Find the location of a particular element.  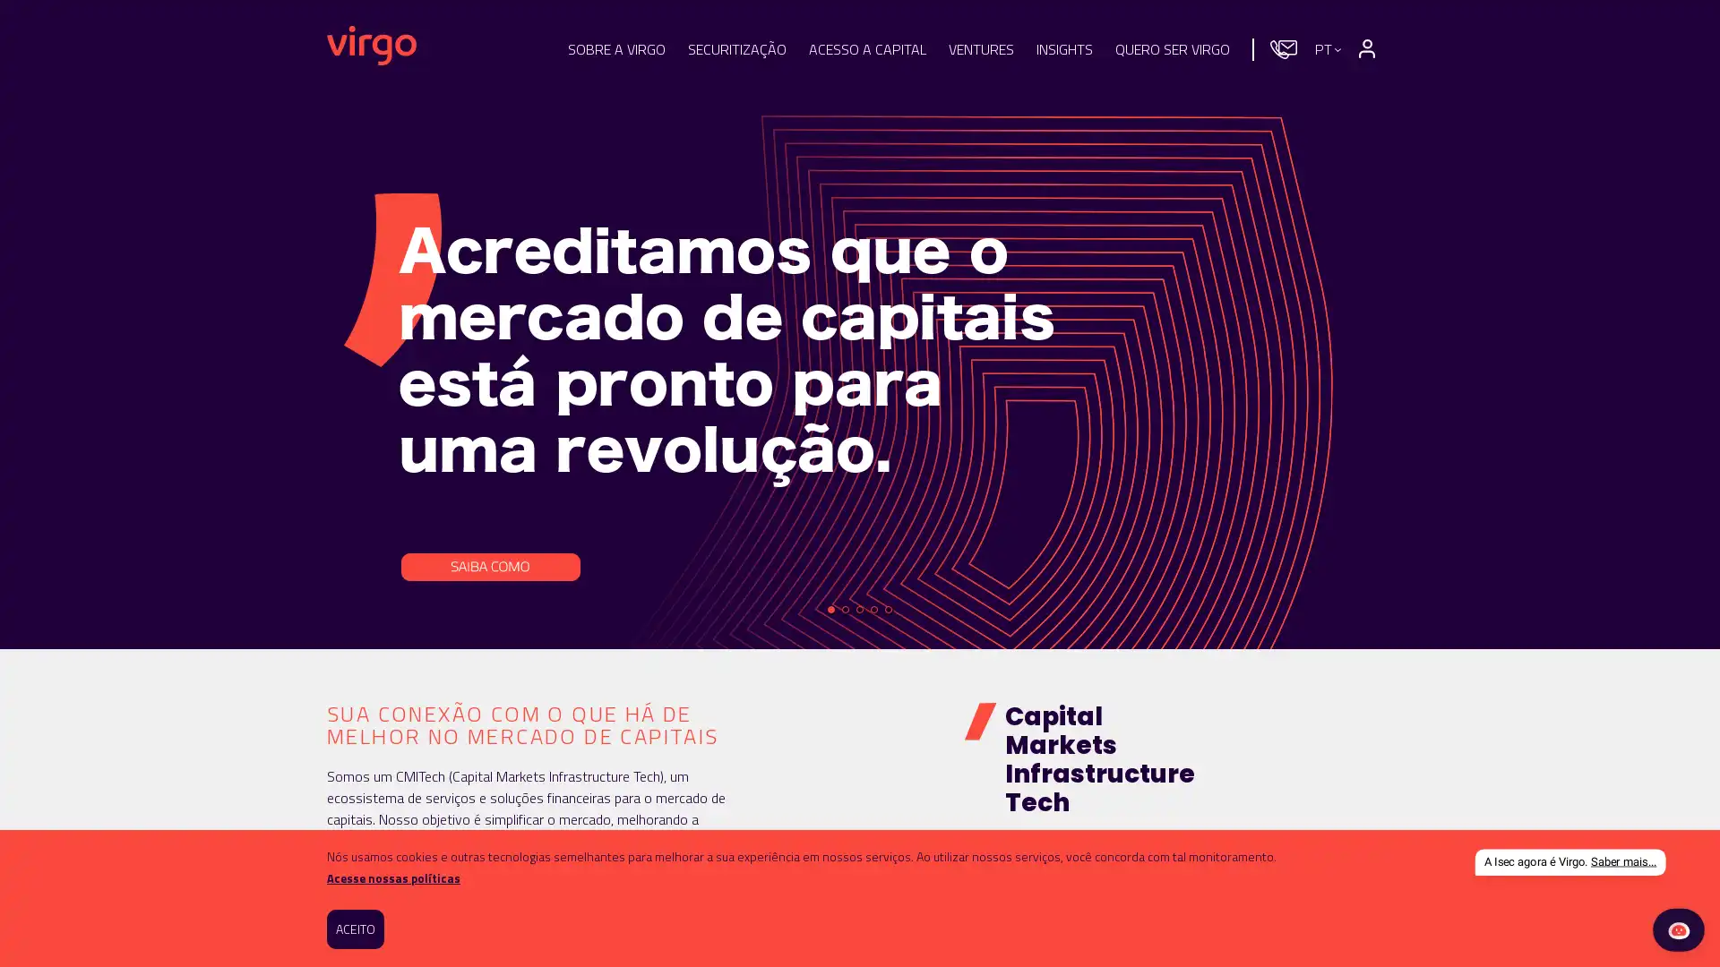

Go to slide 1 is located at coordinates (830, 609).